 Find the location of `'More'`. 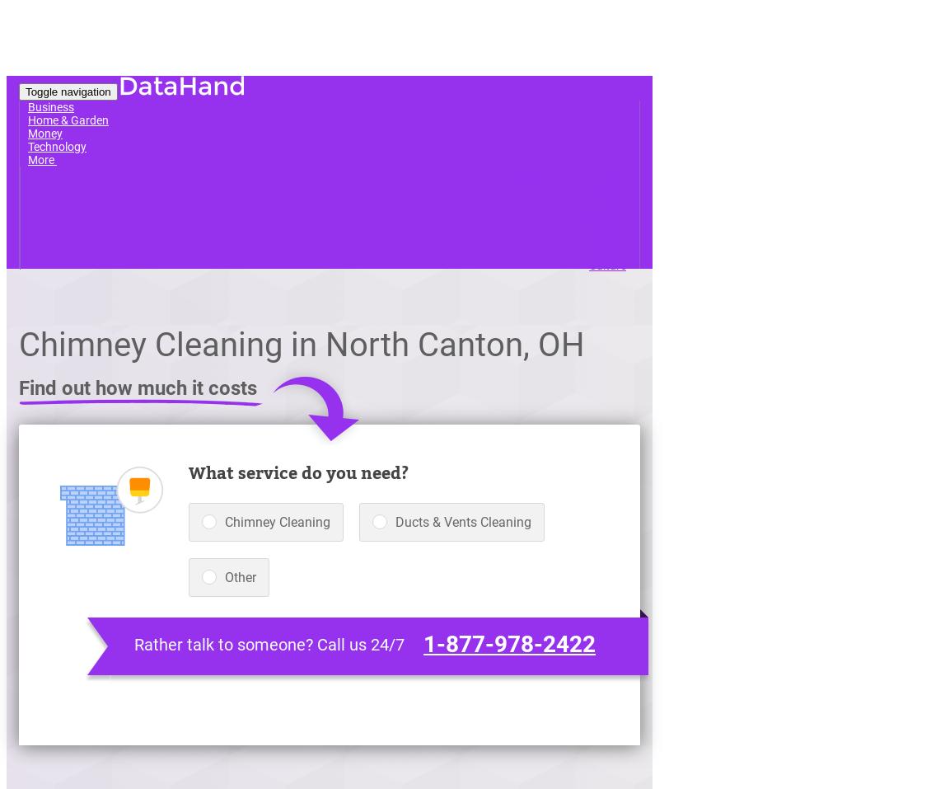

'More' is located at coordinates (42, 158).